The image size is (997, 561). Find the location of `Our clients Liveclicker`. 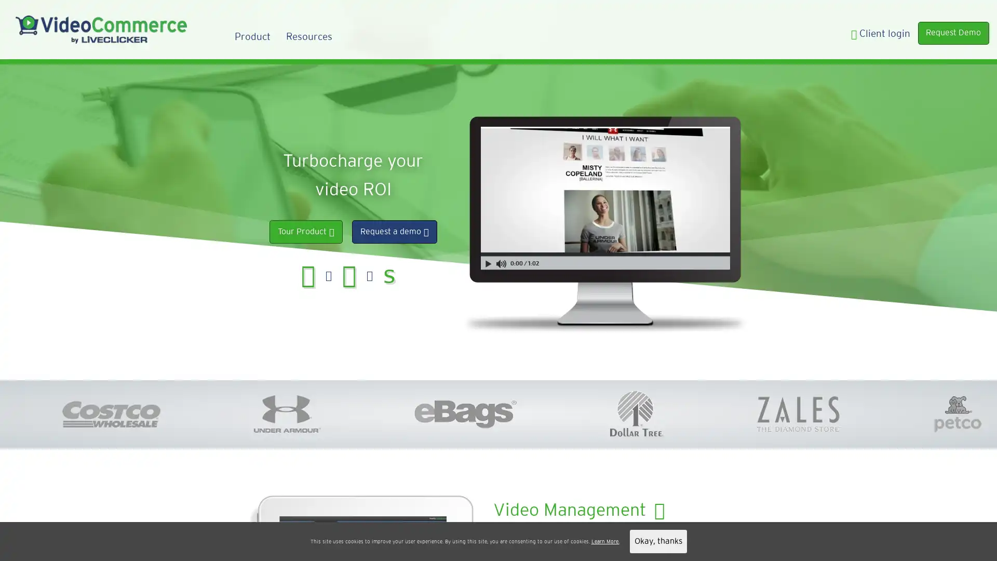

Our clients Liveclicker is located at coordinates (526, 541).